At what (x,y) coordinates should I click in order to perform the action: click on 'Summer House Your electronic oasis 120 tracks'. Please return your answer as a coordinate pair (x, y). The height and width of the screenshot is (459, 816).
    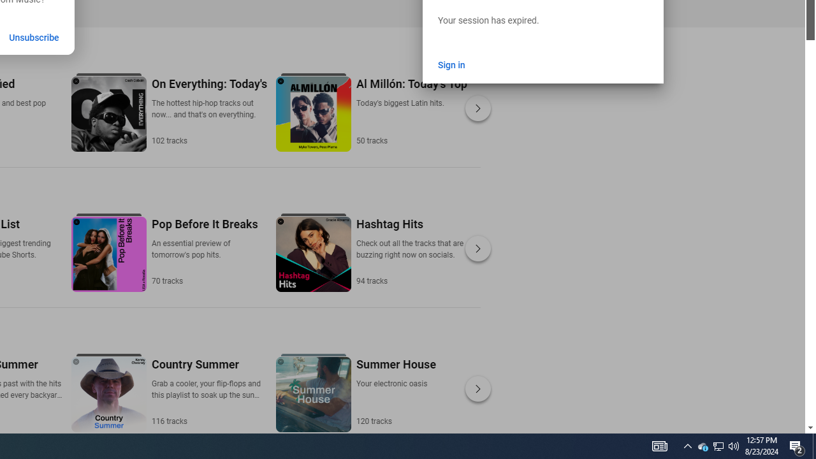
    Looking at the image, I should click on (395, 391).